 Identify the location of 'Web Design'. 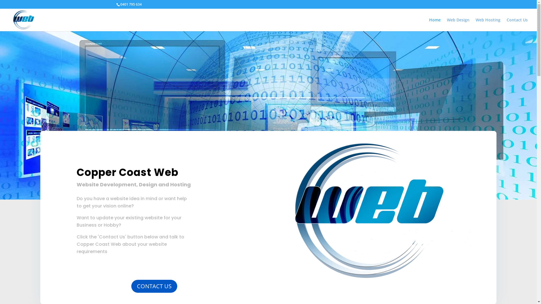
(446, 24).